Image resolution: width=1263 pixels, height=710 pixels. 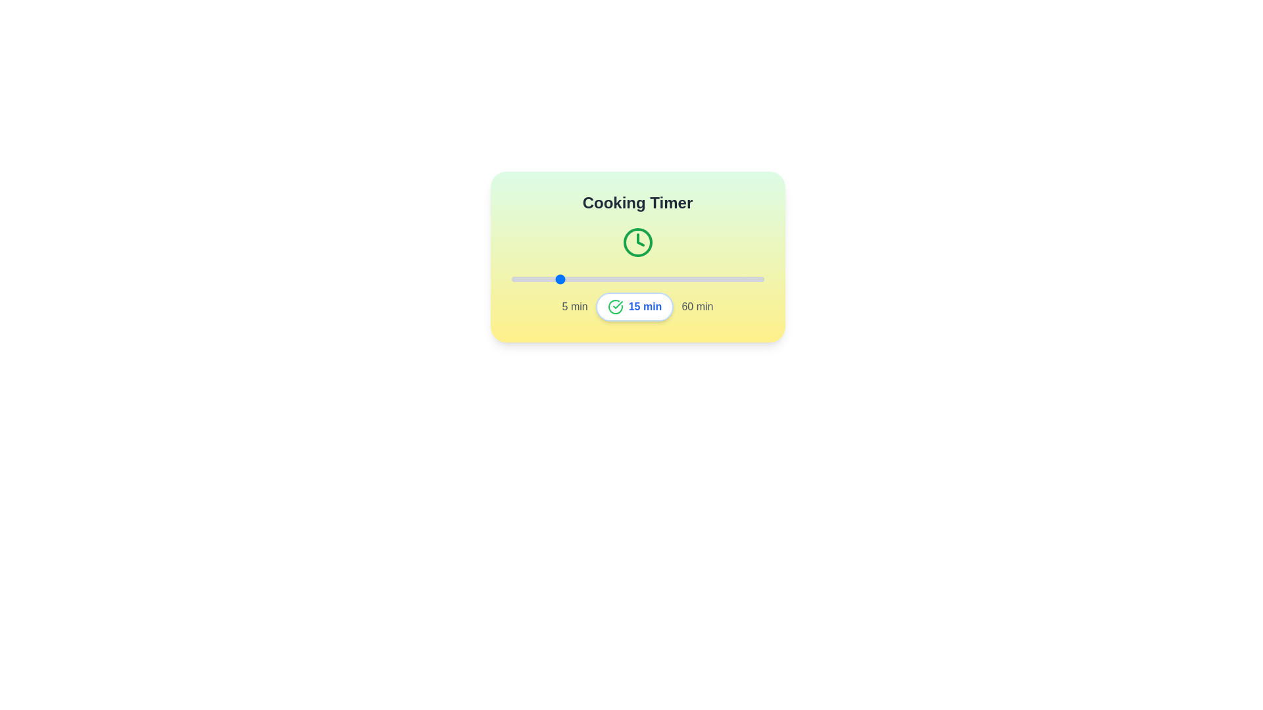 I want to click on the SVG Circle Element that visually represents a clock, located below the 'Cooking Timer' title, so click(x=637, y=243).